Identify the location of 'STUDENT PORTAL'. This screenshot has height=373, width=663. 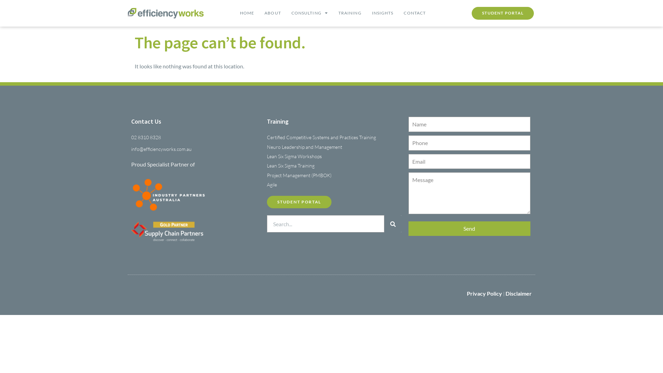
(502, 13).